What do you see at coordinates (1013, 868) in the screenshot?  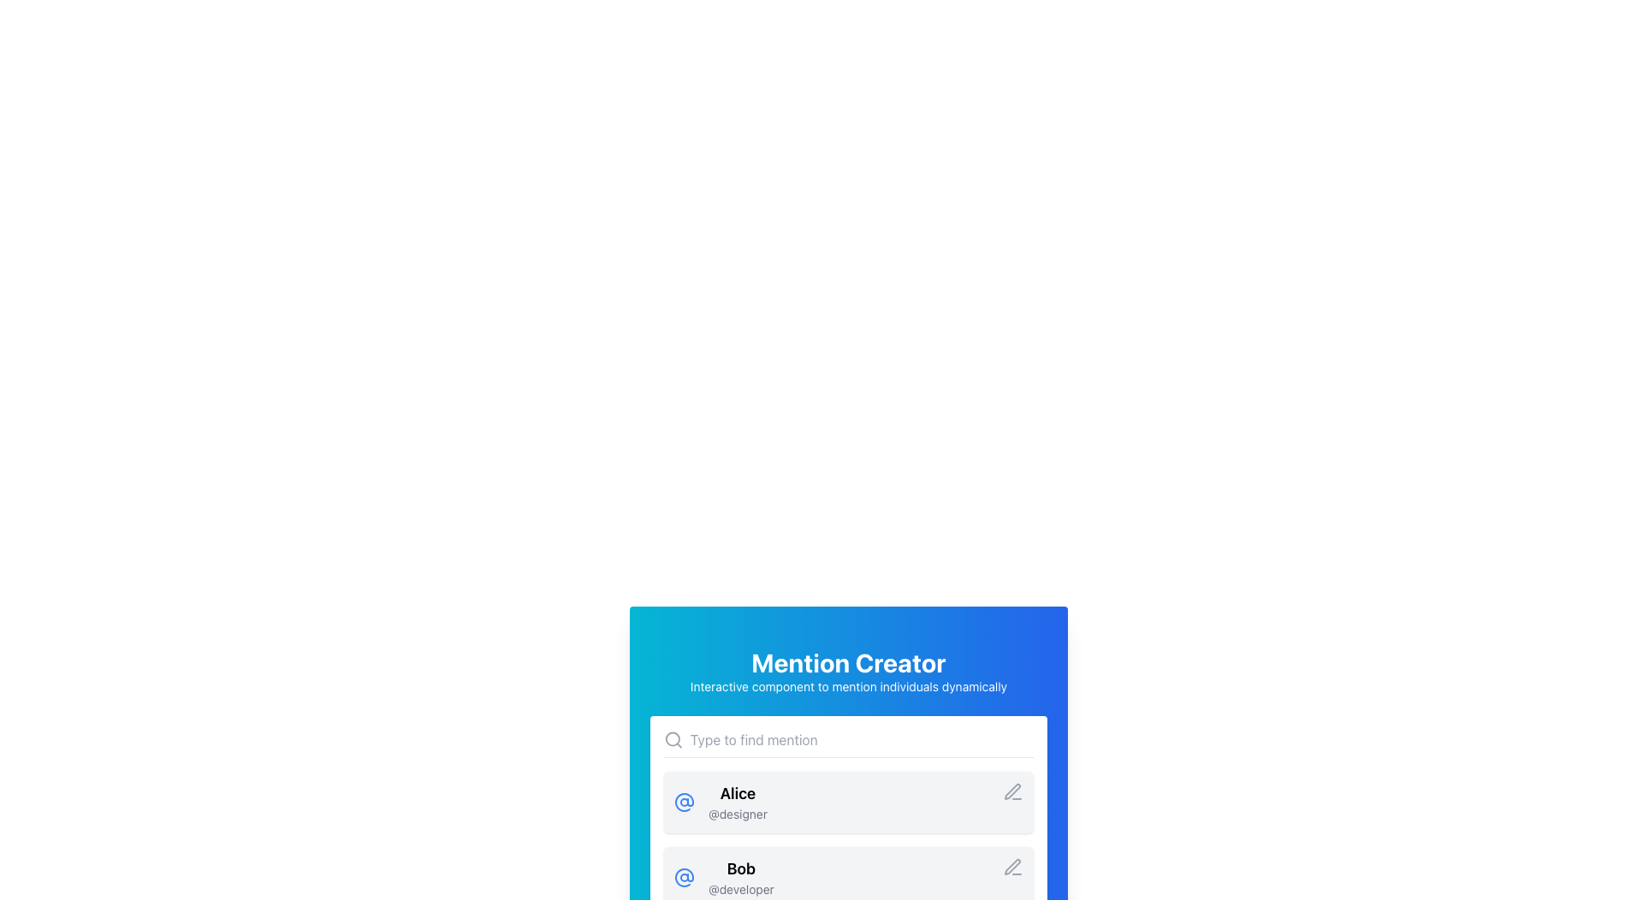 I see `the editing tool icon located at the rightmost side of the row labeled 'Bob@developer', which has a thin gray outline` at bounding box center [1013, 868].